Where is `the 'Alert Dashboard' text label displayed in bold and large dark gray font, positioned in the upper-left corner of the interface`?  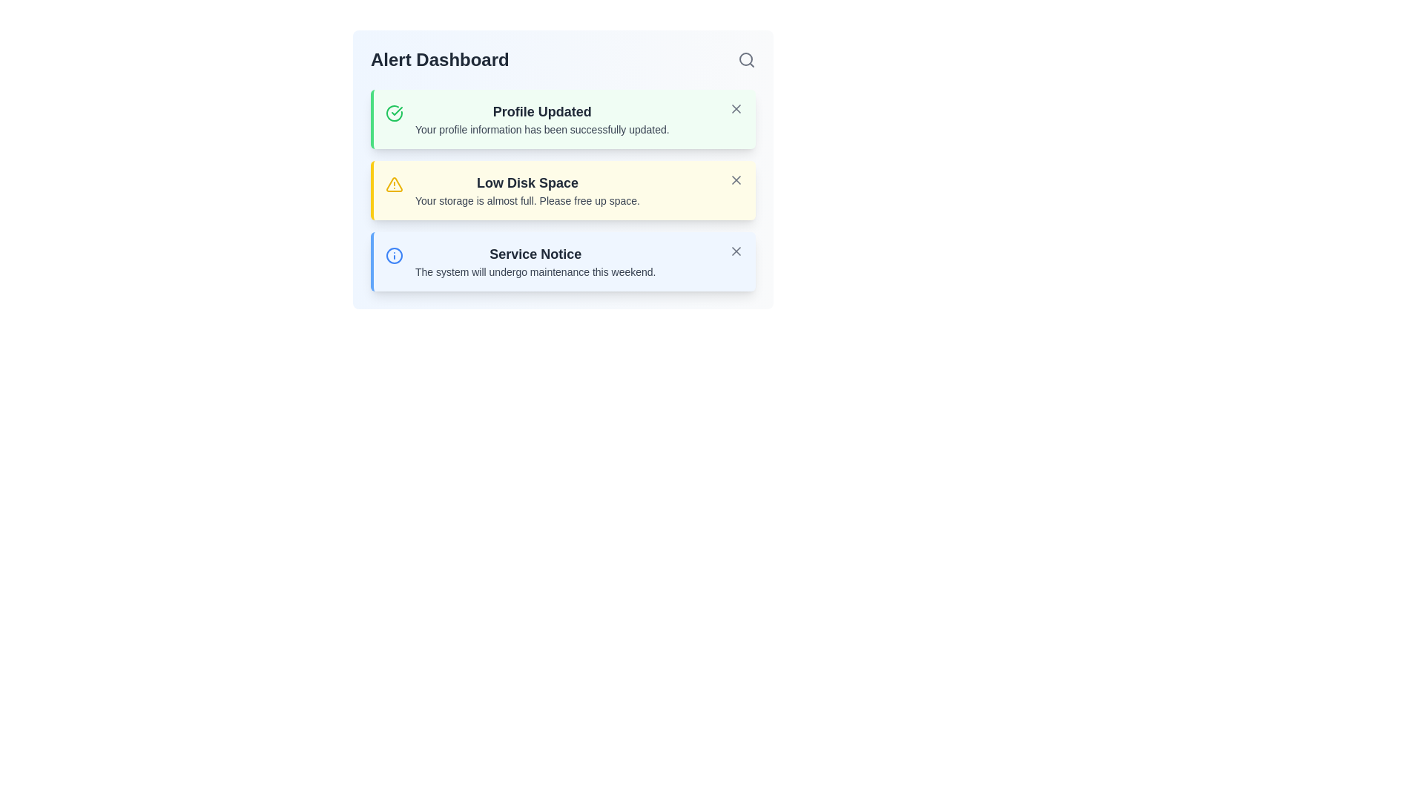 the 'Alert Dashboard' text label displayed in bold and large dark gray font, positioned in the upper-left corner of the interface is located at coordinates (439, 59).